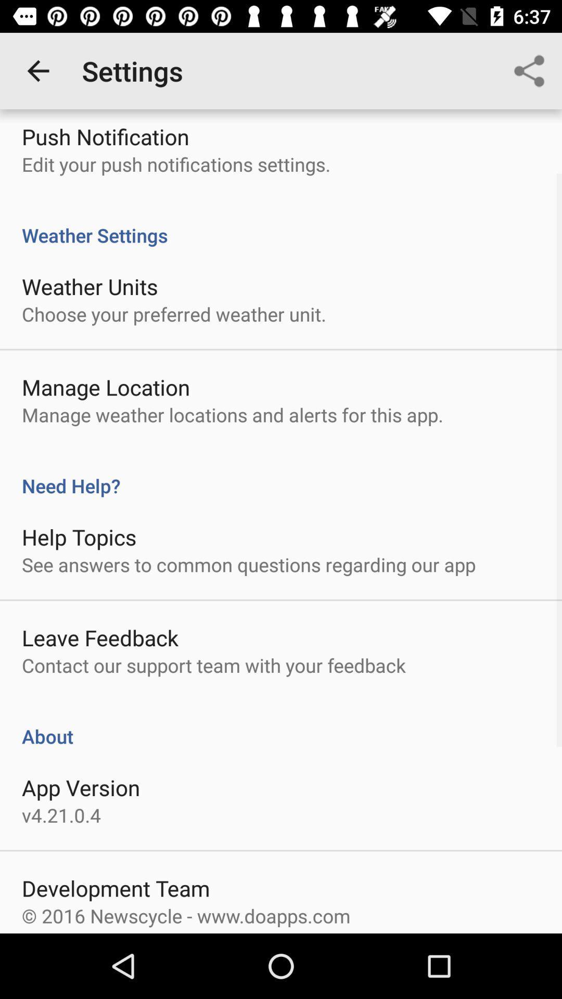 The height and width of the screenshot is (999, 562). What do you see at coordinates (232, 414) in the screenshot?
I see `manage weather locations icon` at bounding box center [232, 414].